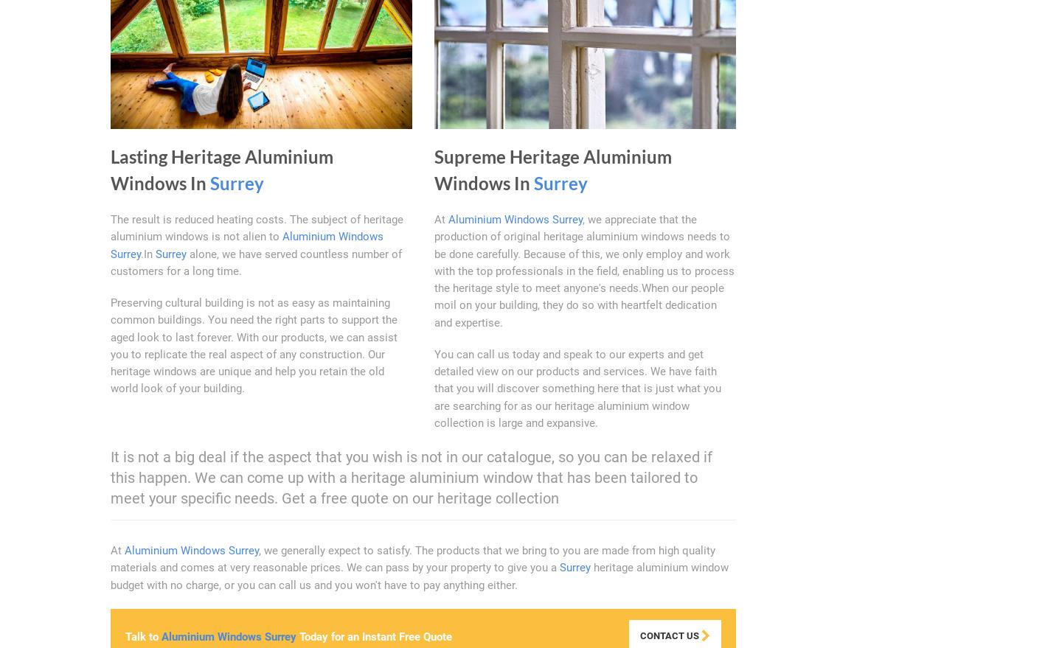  Describe the element at coordinates (221, 170) in the screenshot. I see `'Lasting Heritage Aluminium Windows In'` at that location.